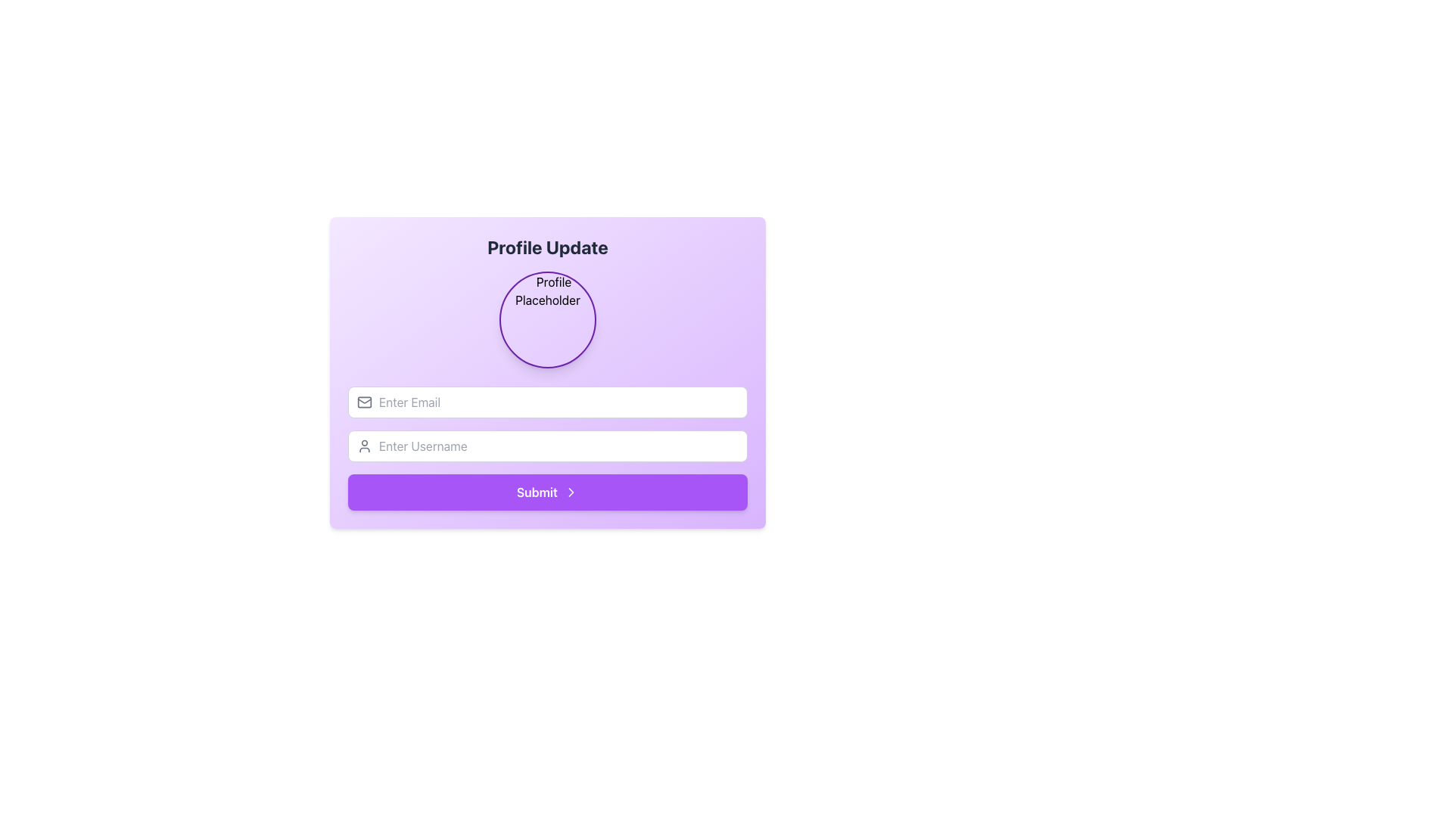 The image size is (1453, 817). What do you see at coordinates (570, 492) in the screenshot?
I see `the right-pointing chevron icon with a white stroke on a purple background, located on the right side of the Submit button` at bounding box center [570, 492].